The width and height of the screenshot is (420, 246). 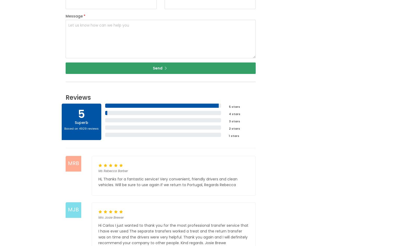 What do you see at coordinates (158, 68) in the screenshot?
I see `'Send'` at bounding box center [158, 68].